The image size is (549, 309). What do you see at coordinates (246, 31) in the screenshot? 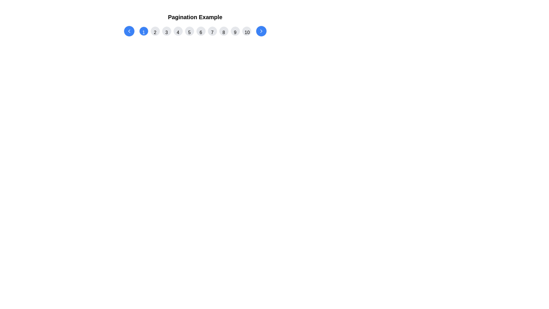
I see `the circular button displaying '10' with a light gray background, located in the top right of the pagination control, to trigger a visual effect` at bounding box center [246, 31].